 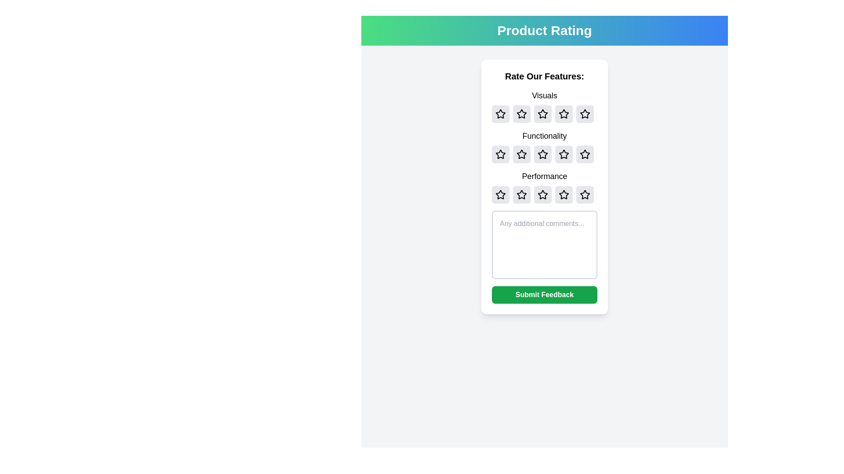 I want to click on the third star-shaped rating icon with a white background and black border under the 'Performance' category, so click(x=542, y=194).